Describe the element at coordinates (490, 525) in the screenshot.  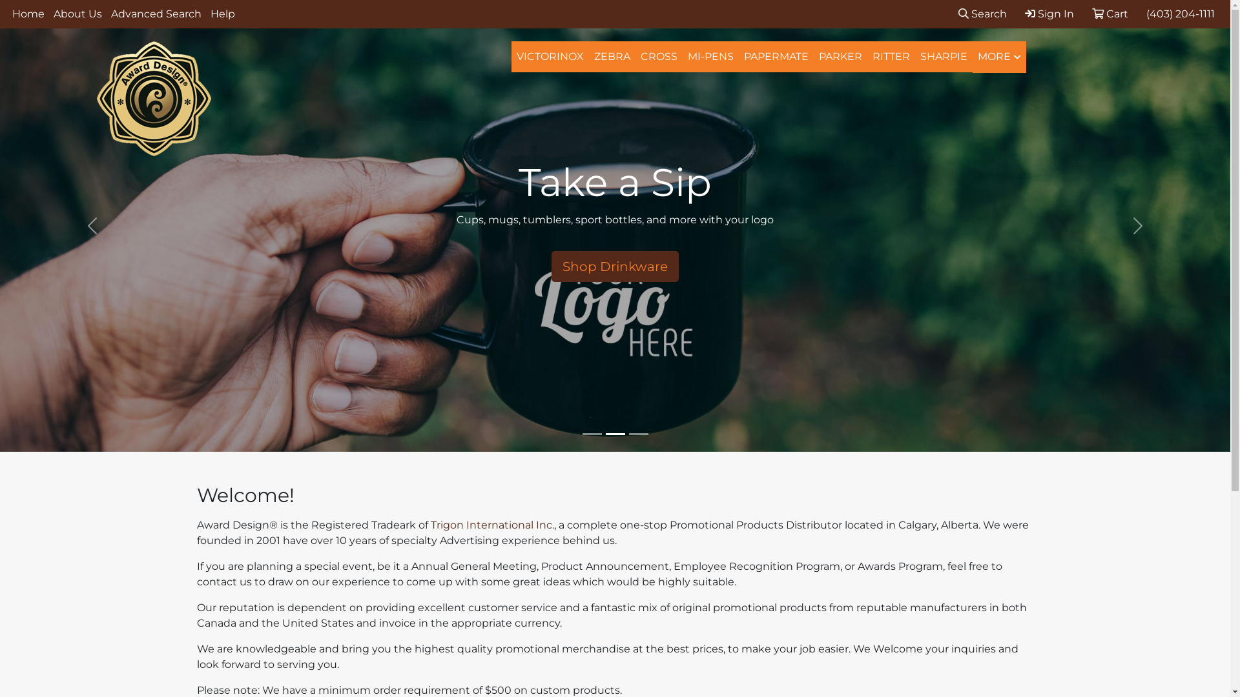
I see `'Trigon International Inc'` at that location.